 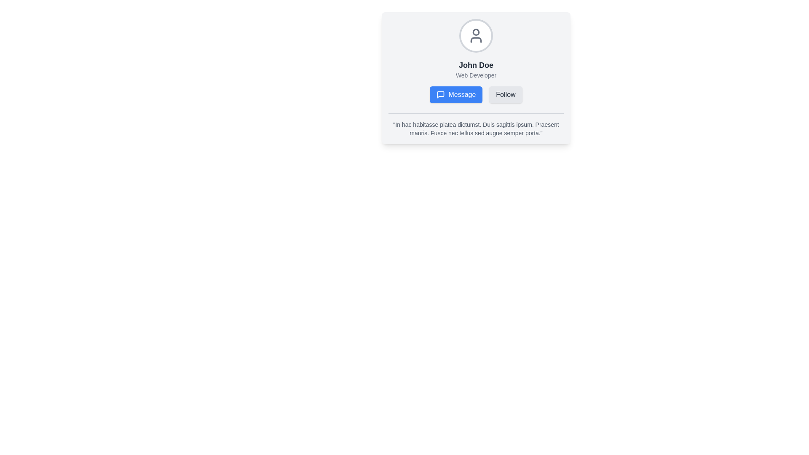 What do you see at coordinates (476, 75) in the screenshot?
I see `the Static Text element displaying 'Web Developer' which is styled with a small text size and gray color, located beneath 'John Doe' and above interactive buttons` at bounding box center [476, 75].